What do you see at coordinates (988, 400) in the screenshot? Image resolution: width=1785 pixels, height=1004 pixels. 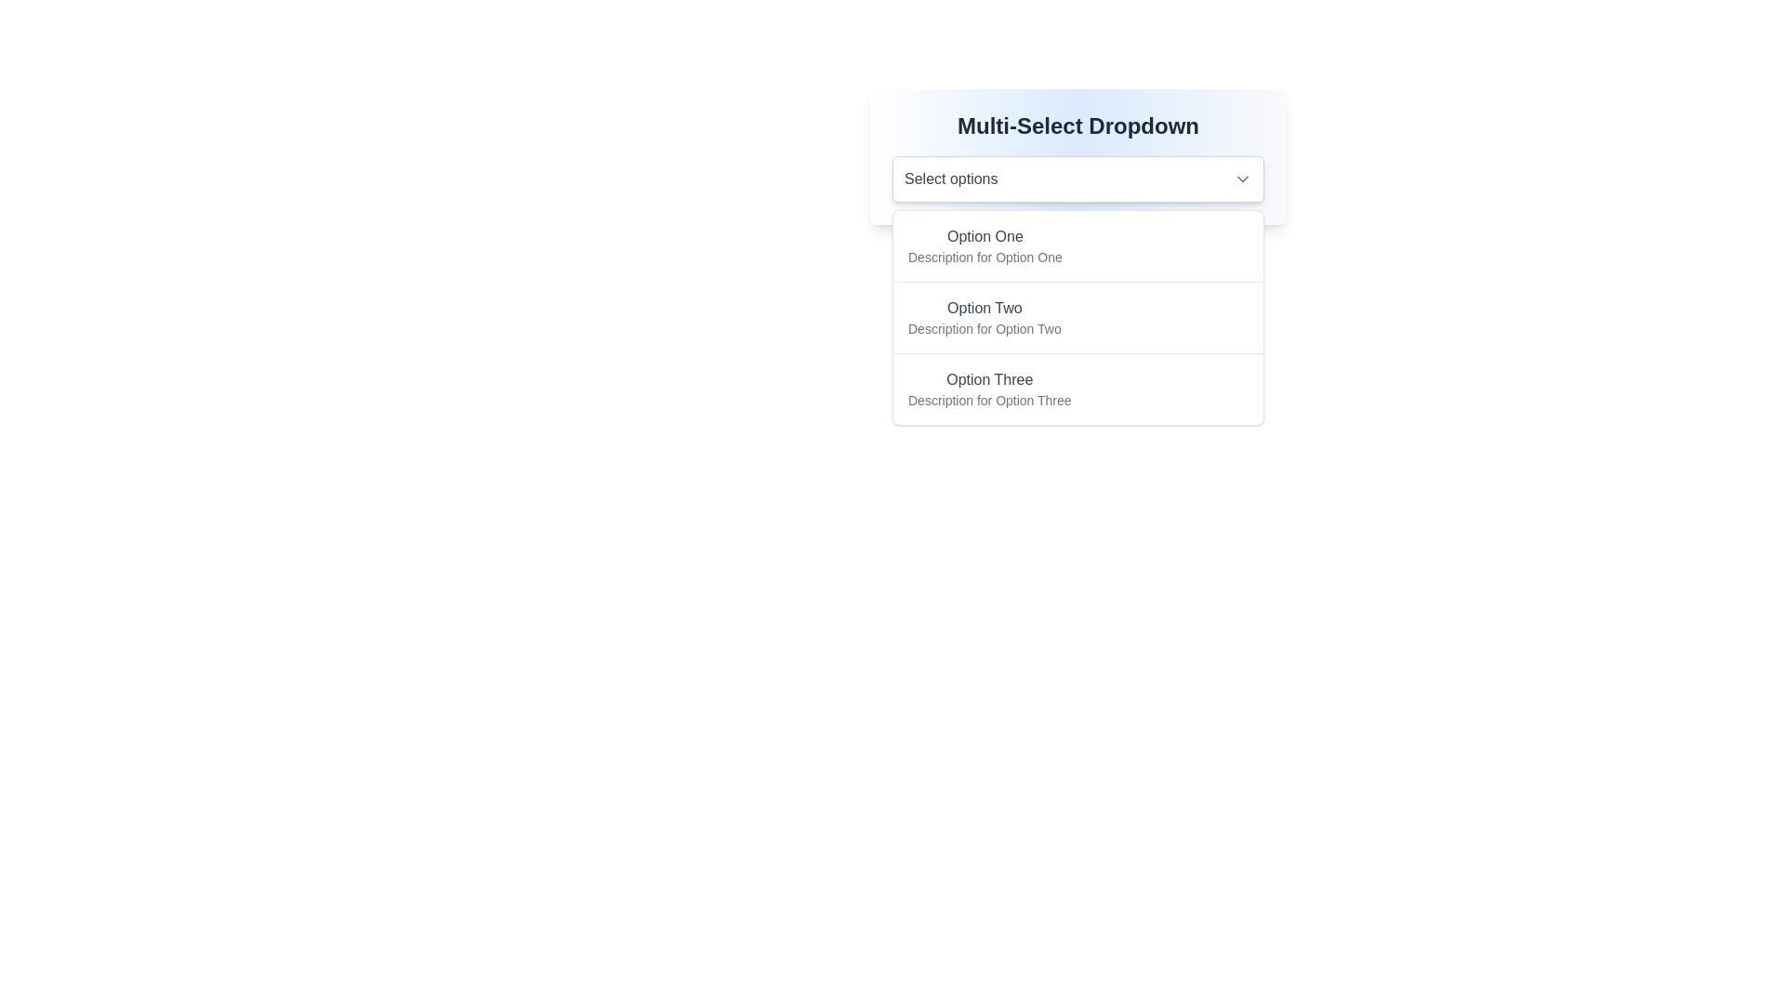 I see `the text label that provides additional context for 'Option Three' in the dropdown menu, positioned below 'Option Three'` at bounding box center [988, 400].